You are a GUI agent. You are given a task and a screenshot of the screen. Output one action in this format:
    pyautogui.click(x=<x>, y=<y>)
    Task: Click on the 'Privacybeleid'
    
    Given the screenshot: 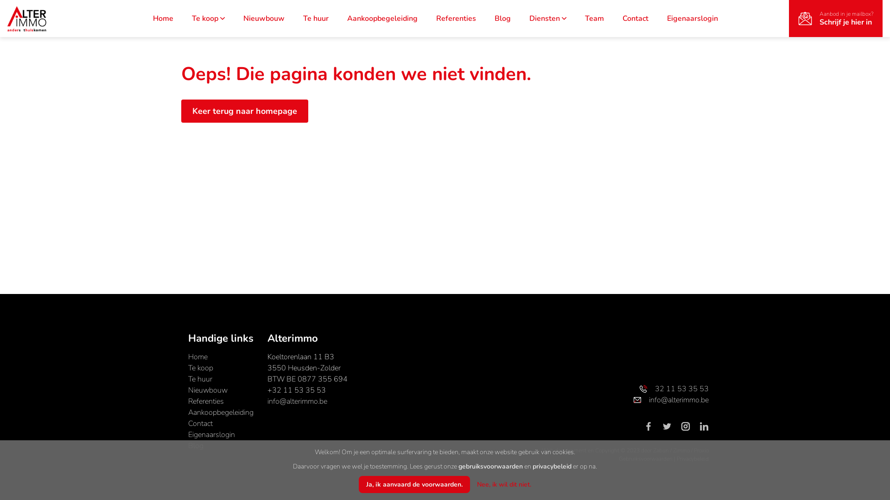 What is the action you would take?
    pyautogui.click(x=693, y=459)
    